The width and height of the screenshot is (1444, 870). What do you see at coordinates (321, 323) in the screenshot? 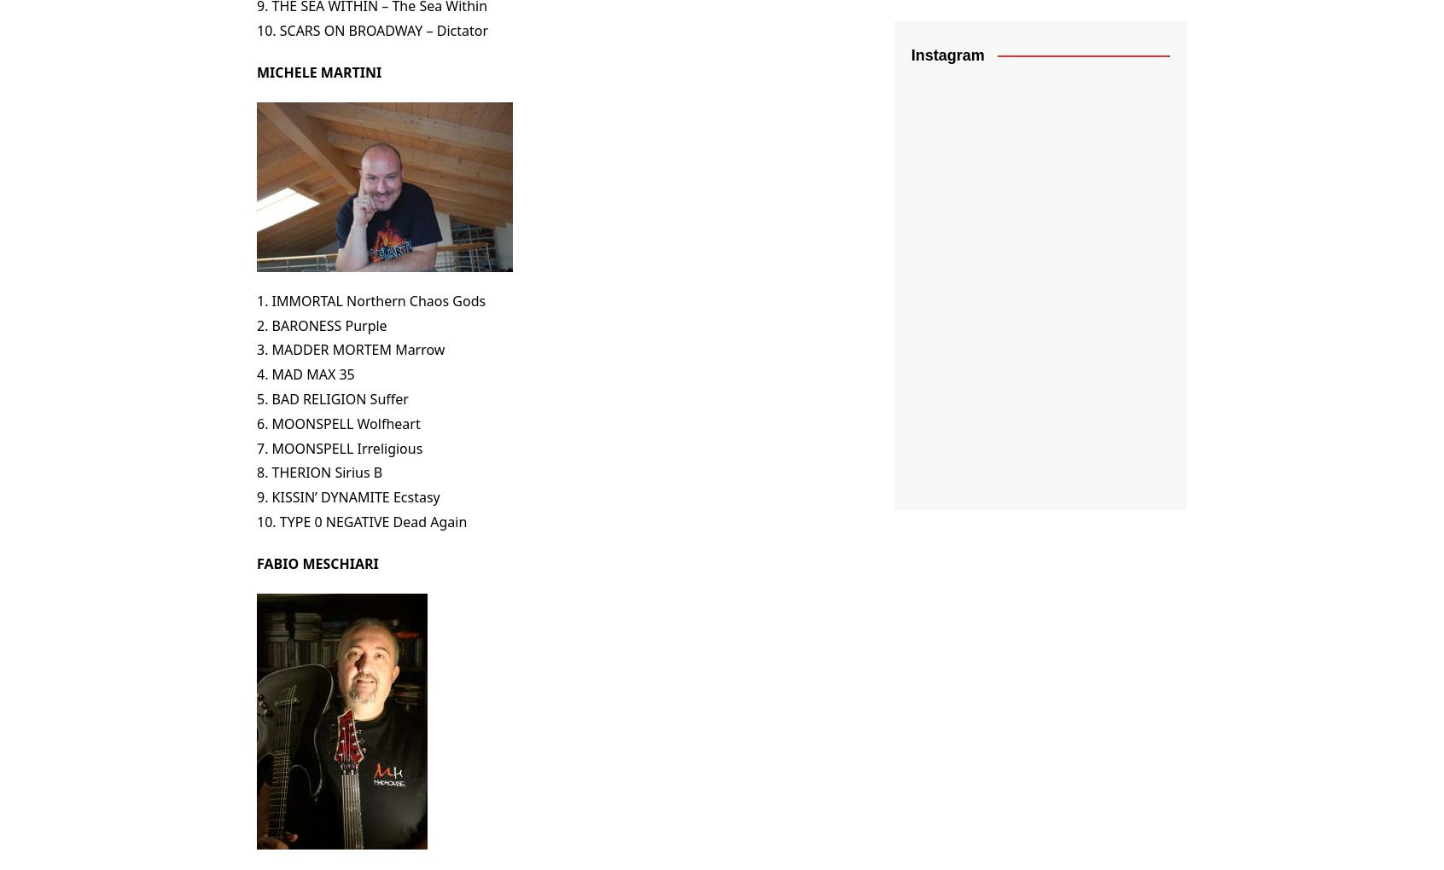
I see `'2. BARONESS Purple'` at bounding box center [321, 323].